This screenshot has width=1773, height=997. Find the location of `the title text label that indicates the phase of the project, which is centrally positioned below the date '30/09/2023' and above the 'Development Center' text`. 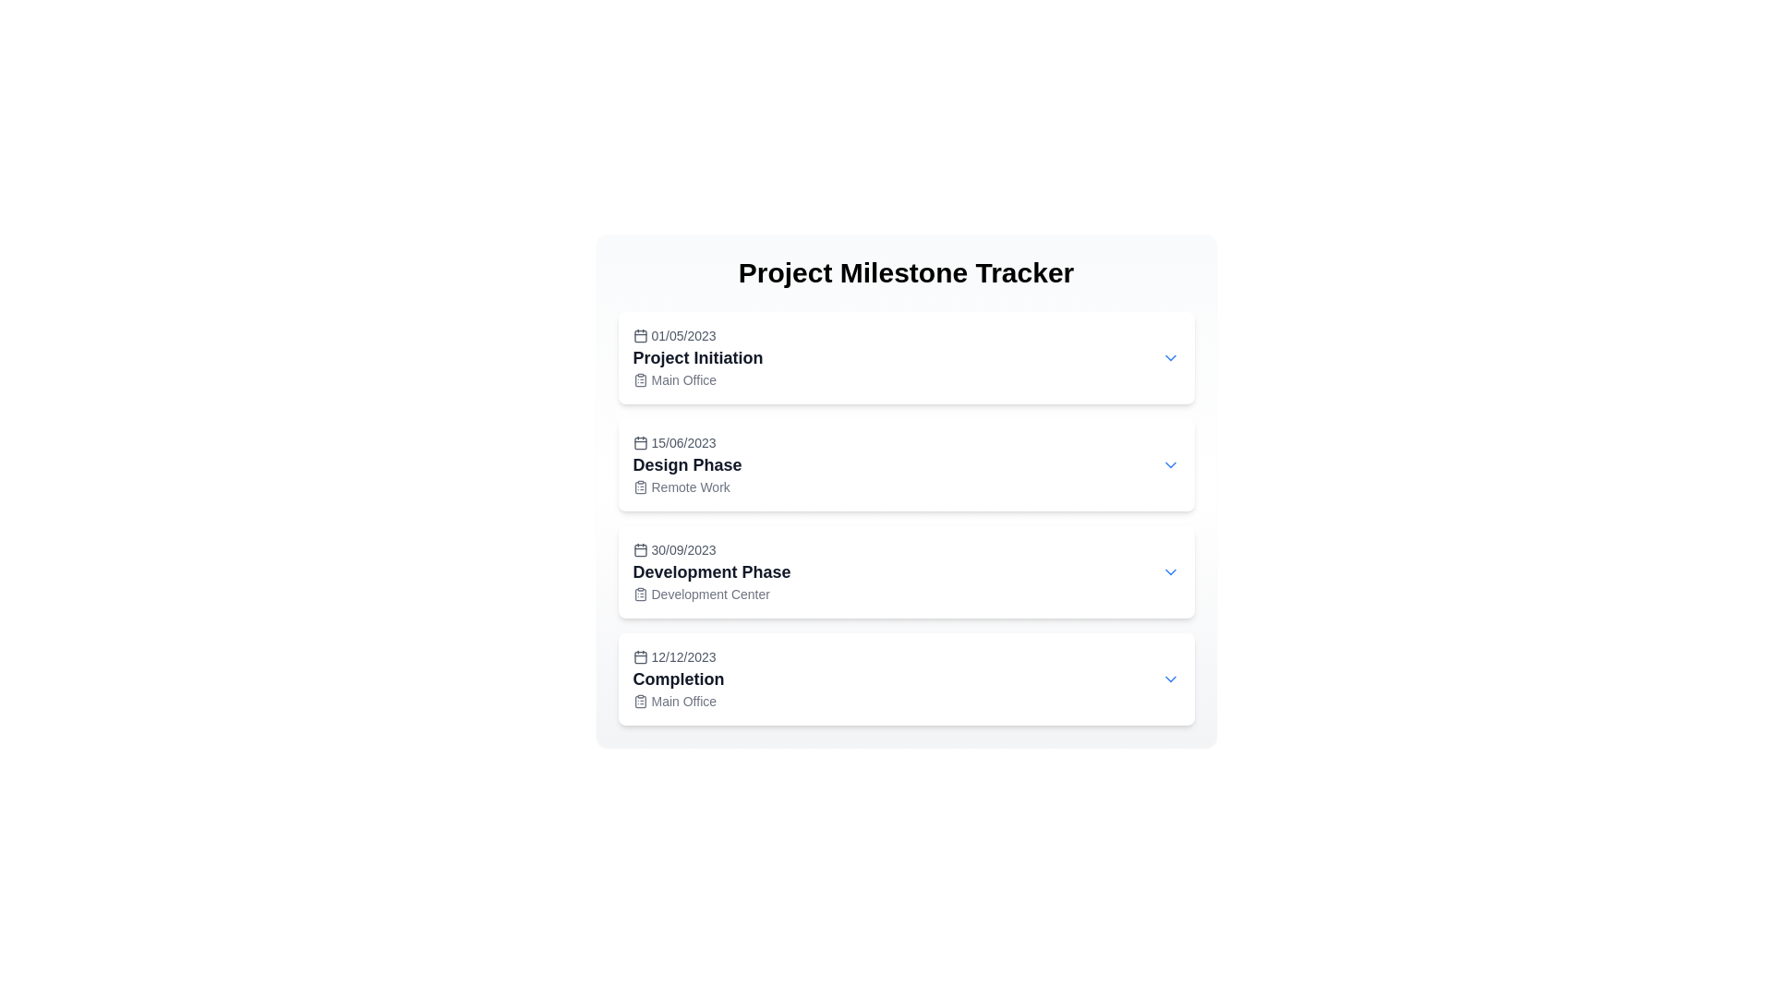

the title text label that indicates the phase of the project, which is centrally positioned below the date '30/09/2023' and above the 'Development Center' text is located at coordinates (711, 571).